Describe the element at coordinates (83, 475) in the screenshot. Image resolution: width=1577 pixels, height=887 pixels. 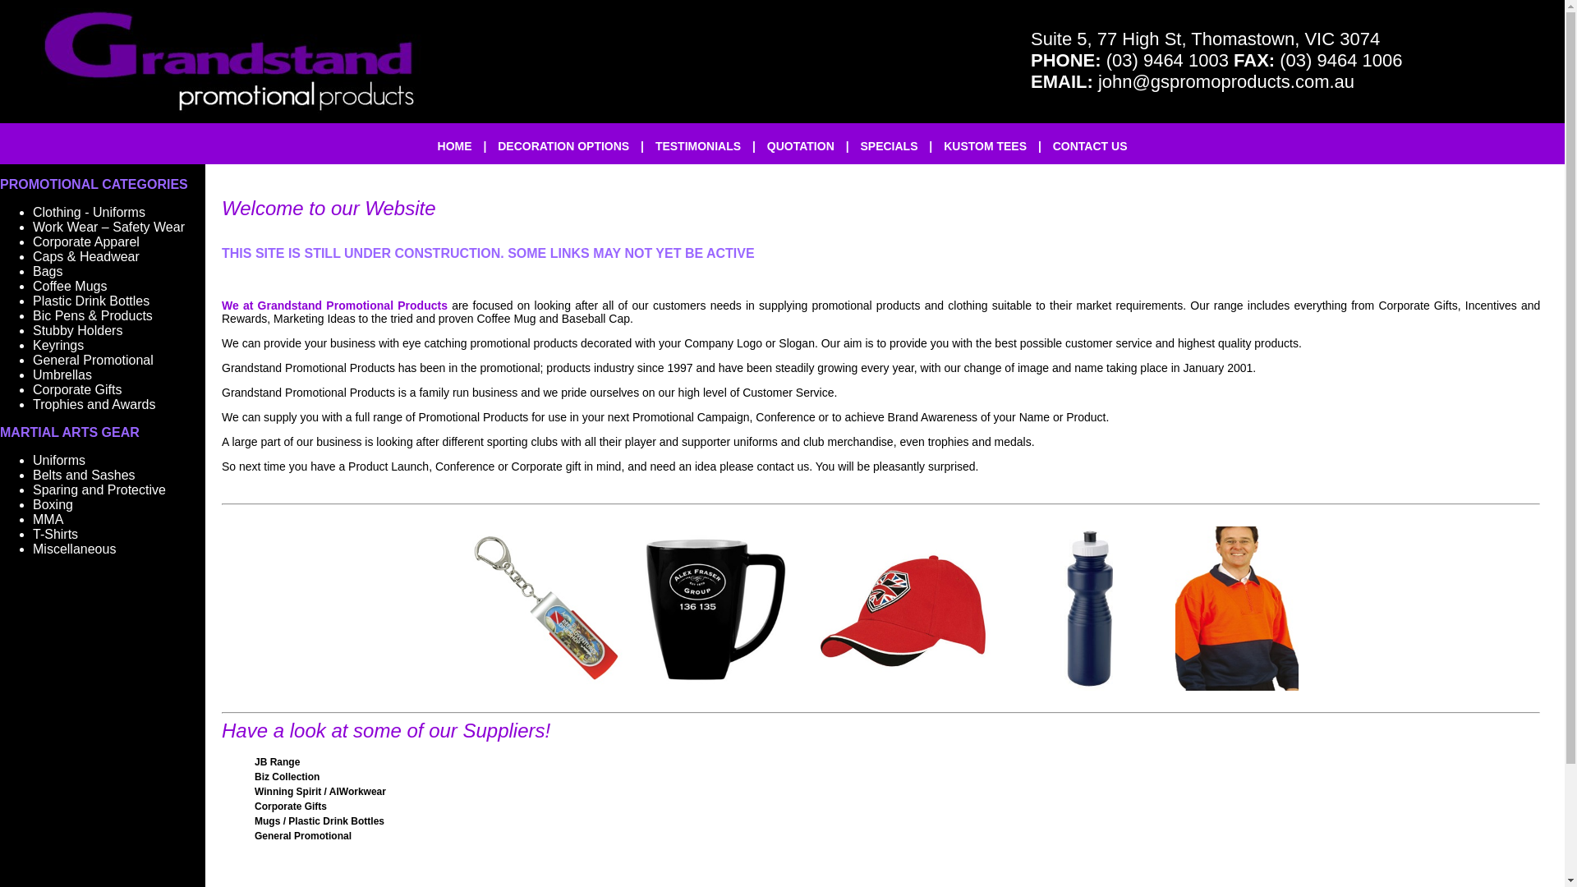
I see `'Belts and Sashes'` at that location.